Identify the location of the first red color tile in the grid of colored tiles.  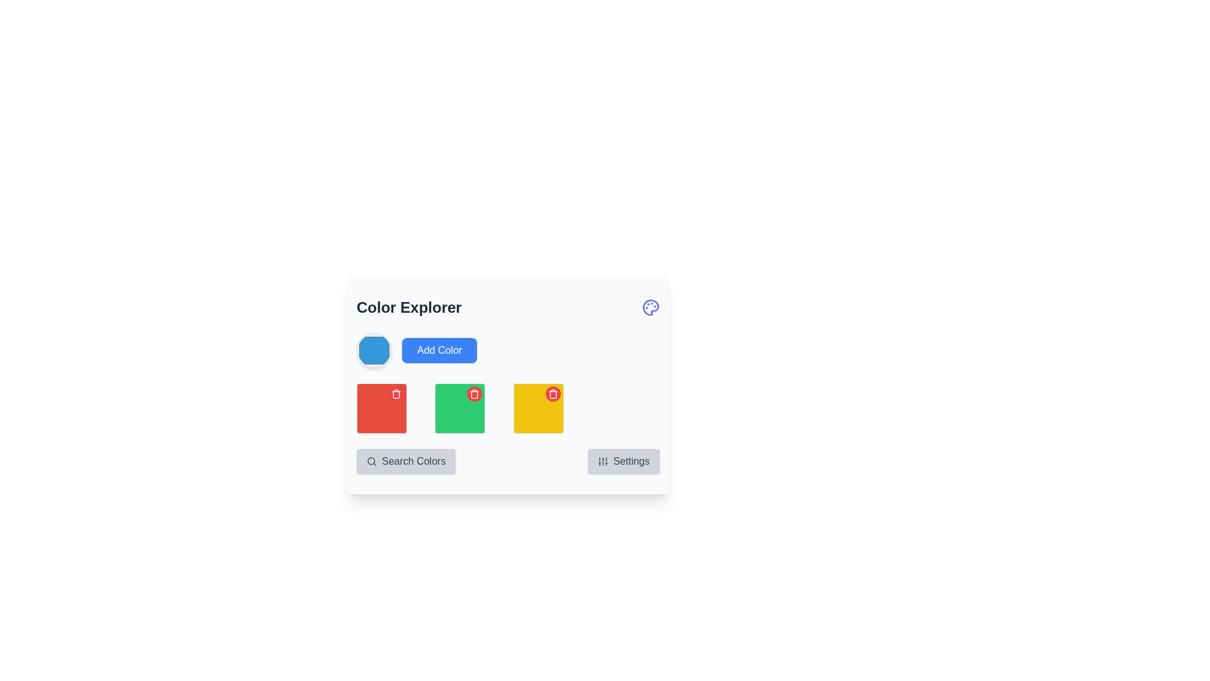
(381, 409).